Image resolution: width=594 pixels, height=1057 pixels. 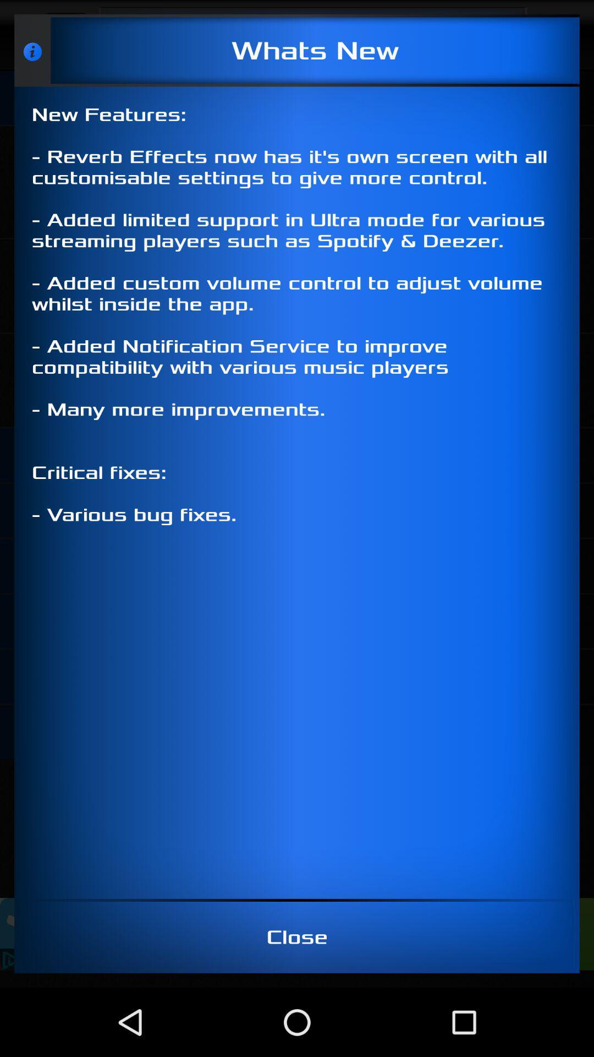 What do you see at coordinates (297, 492) in the screenshot?
I see `icon at the center` at bounding box center [297, 492].